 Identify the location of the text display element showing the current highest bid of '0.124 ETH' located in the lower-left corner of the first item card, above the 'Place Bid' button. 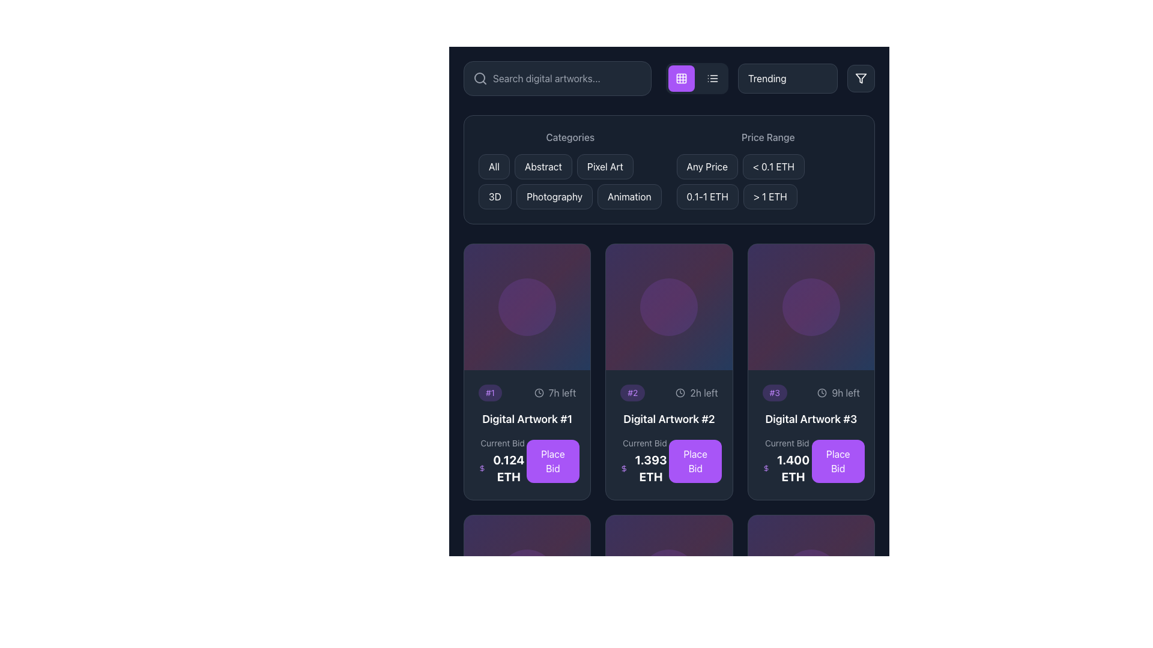
(503, 461).